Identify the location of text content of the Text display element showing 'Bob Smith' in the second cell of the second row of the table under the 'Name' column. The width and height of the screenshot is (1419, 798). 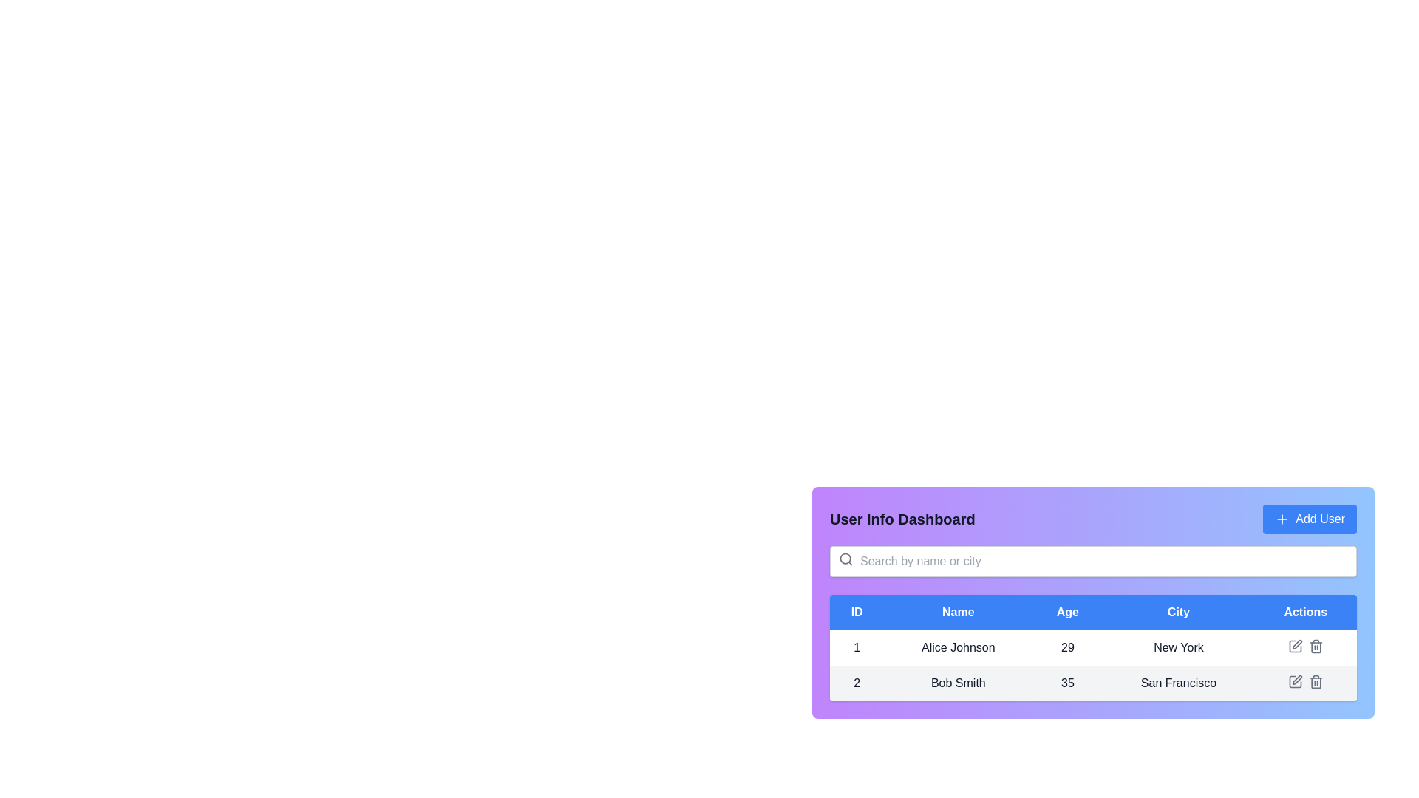
(958, 683).